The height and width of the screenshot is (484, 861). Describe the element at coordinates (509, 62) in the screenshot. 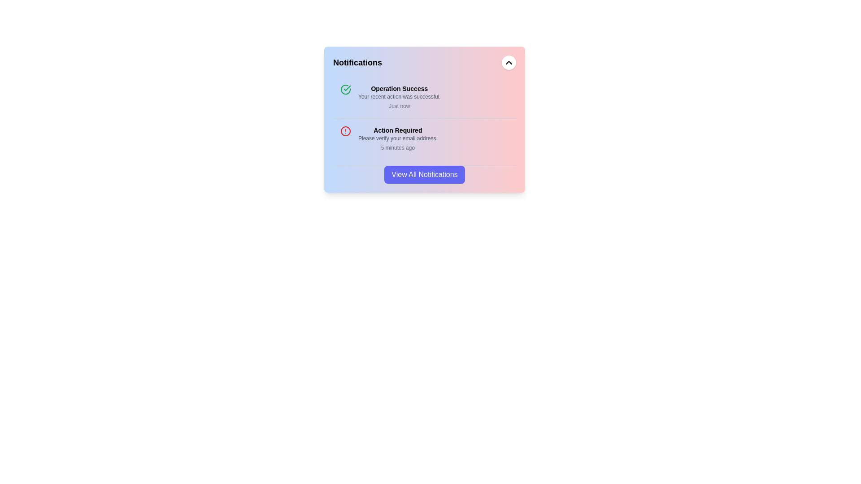

I see `the chevron icon located in the top-right corner of the notifications dialog box to interact with its functionality` at that location.